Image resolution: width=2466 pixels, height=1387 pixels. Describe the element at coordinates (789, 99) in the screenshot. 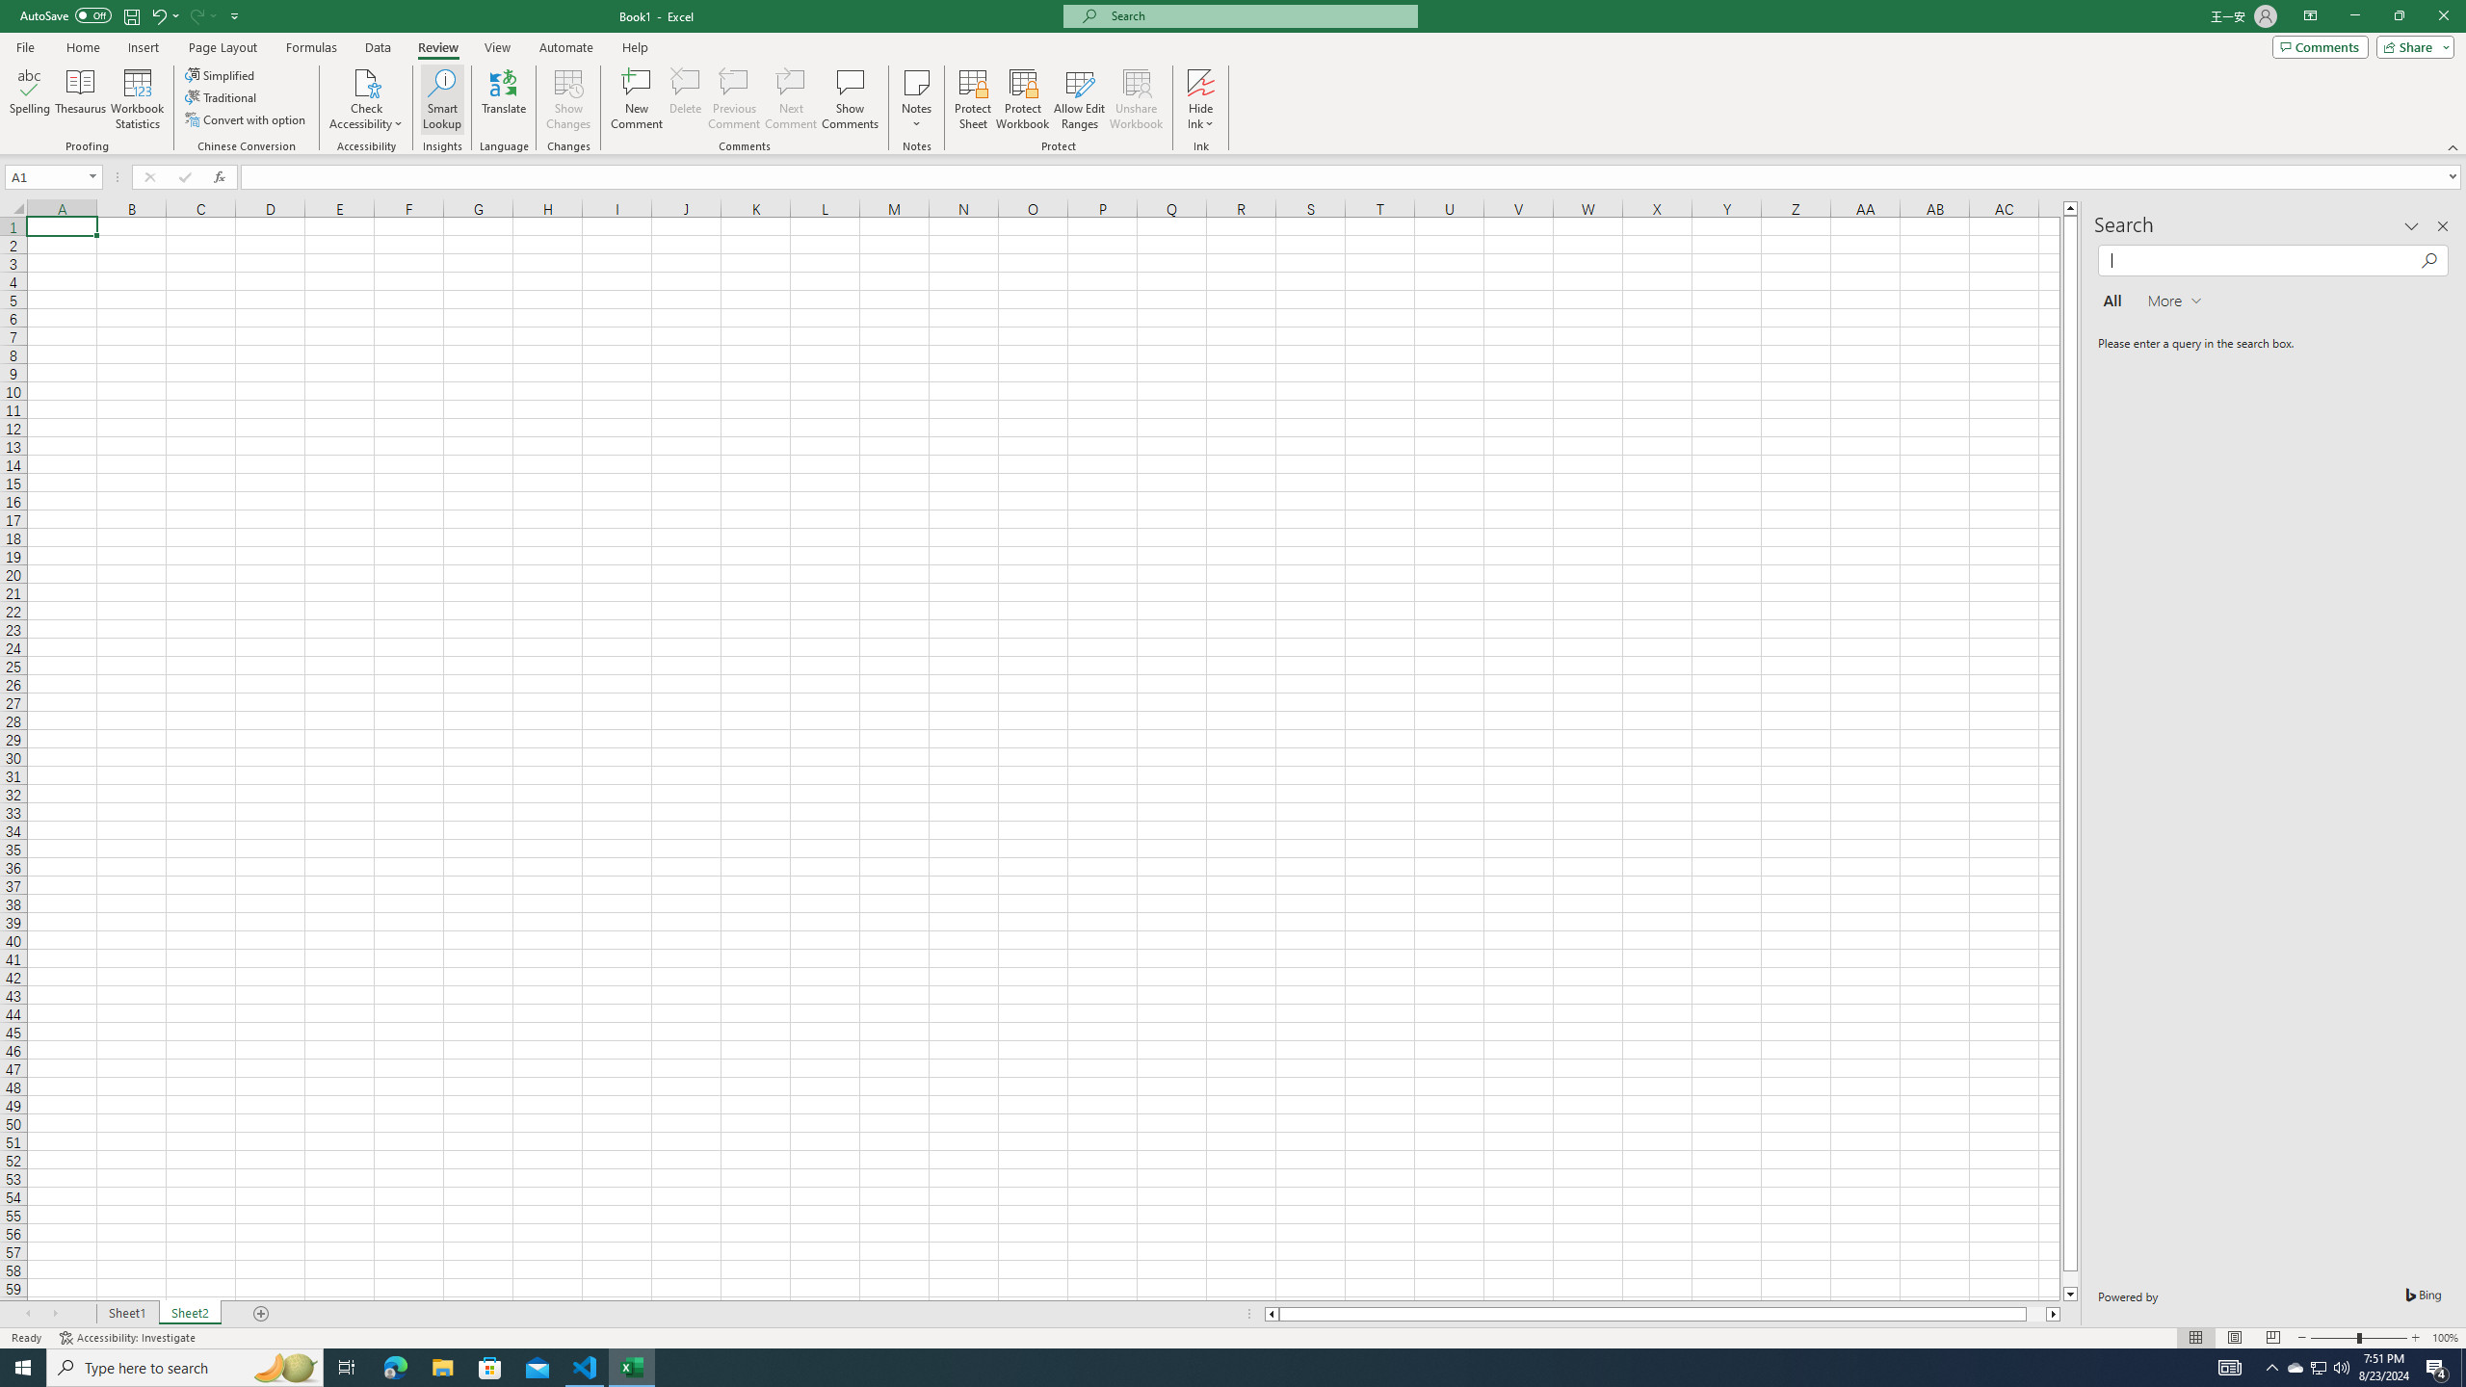

I see `'Next Comment'` at that location.